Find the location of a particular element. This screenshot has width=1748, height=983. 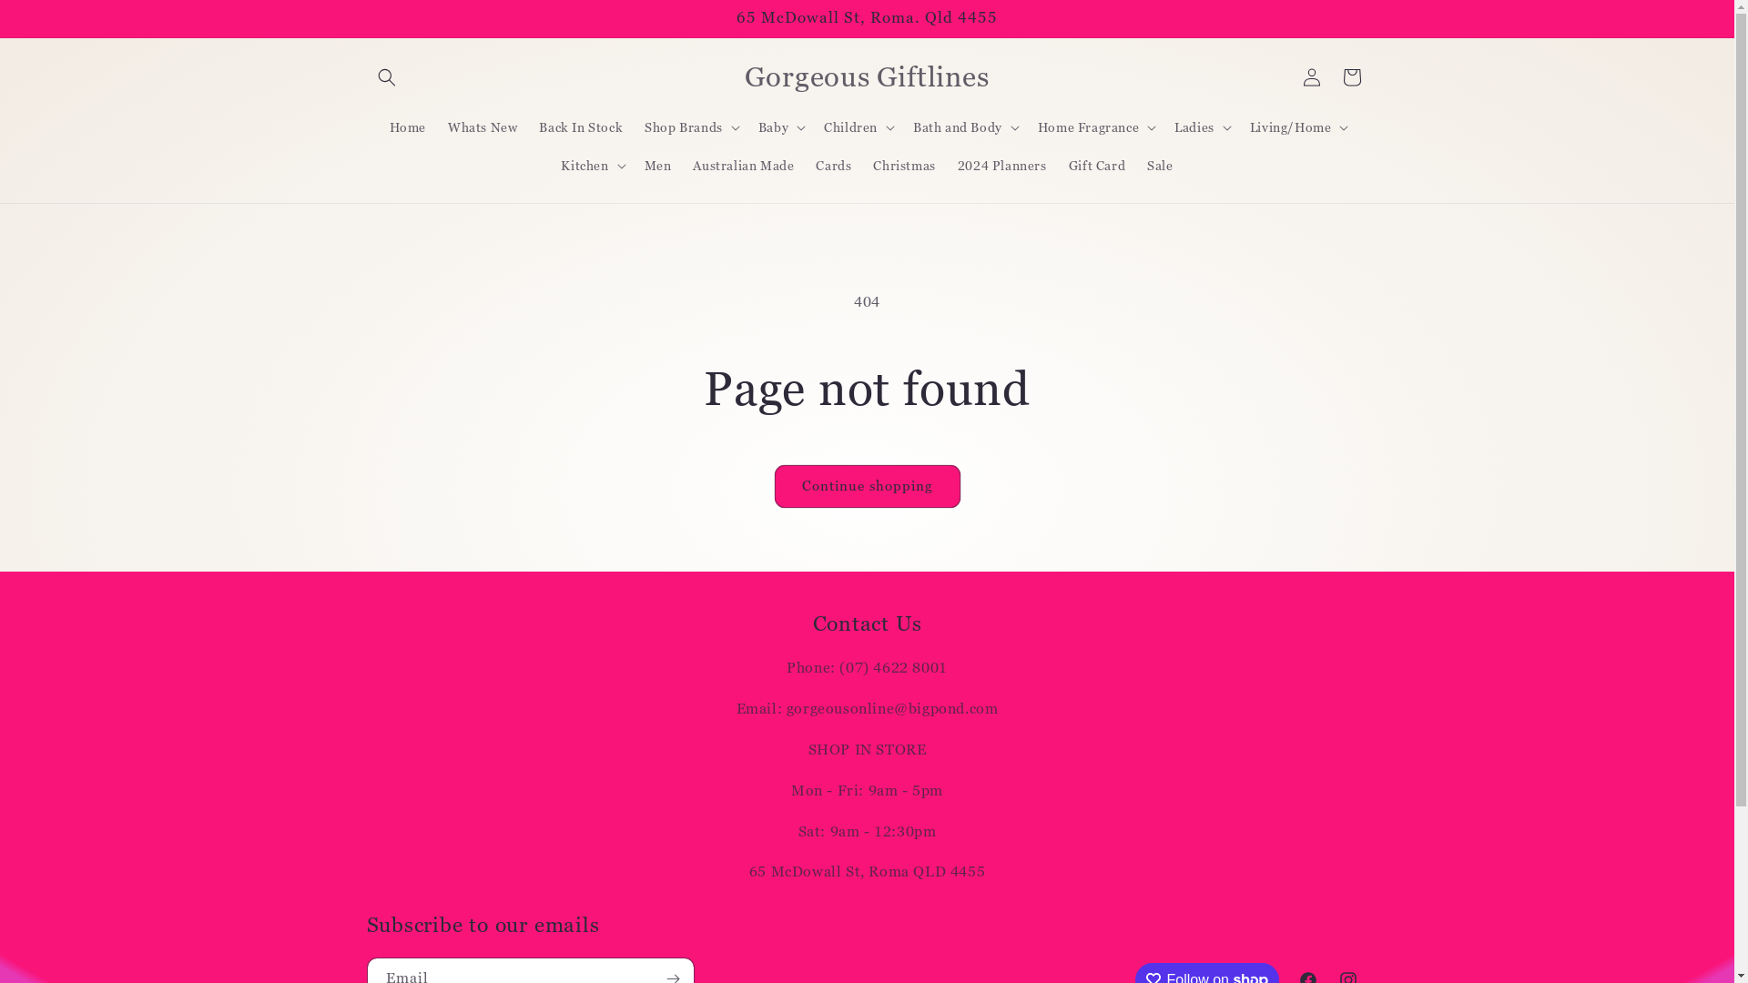

'Cards' is located at coordinates (832, 165).